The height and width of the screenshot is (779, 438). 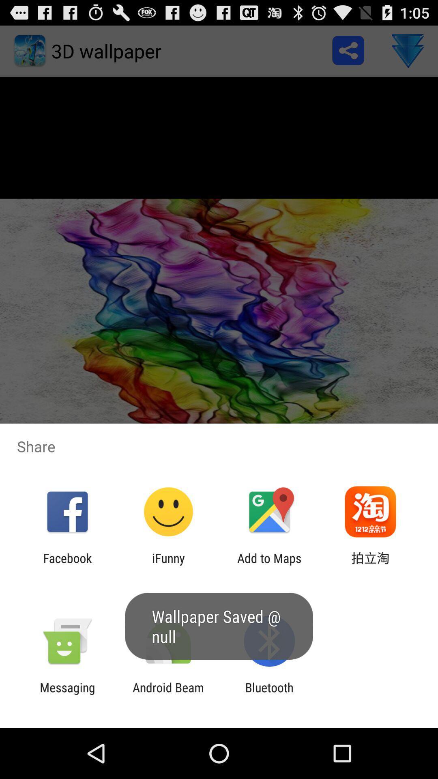 What do you see at coordinates (269, 565) in the screenshot?
I see `the item next to ifunny item` at bounding box center [269, 565].